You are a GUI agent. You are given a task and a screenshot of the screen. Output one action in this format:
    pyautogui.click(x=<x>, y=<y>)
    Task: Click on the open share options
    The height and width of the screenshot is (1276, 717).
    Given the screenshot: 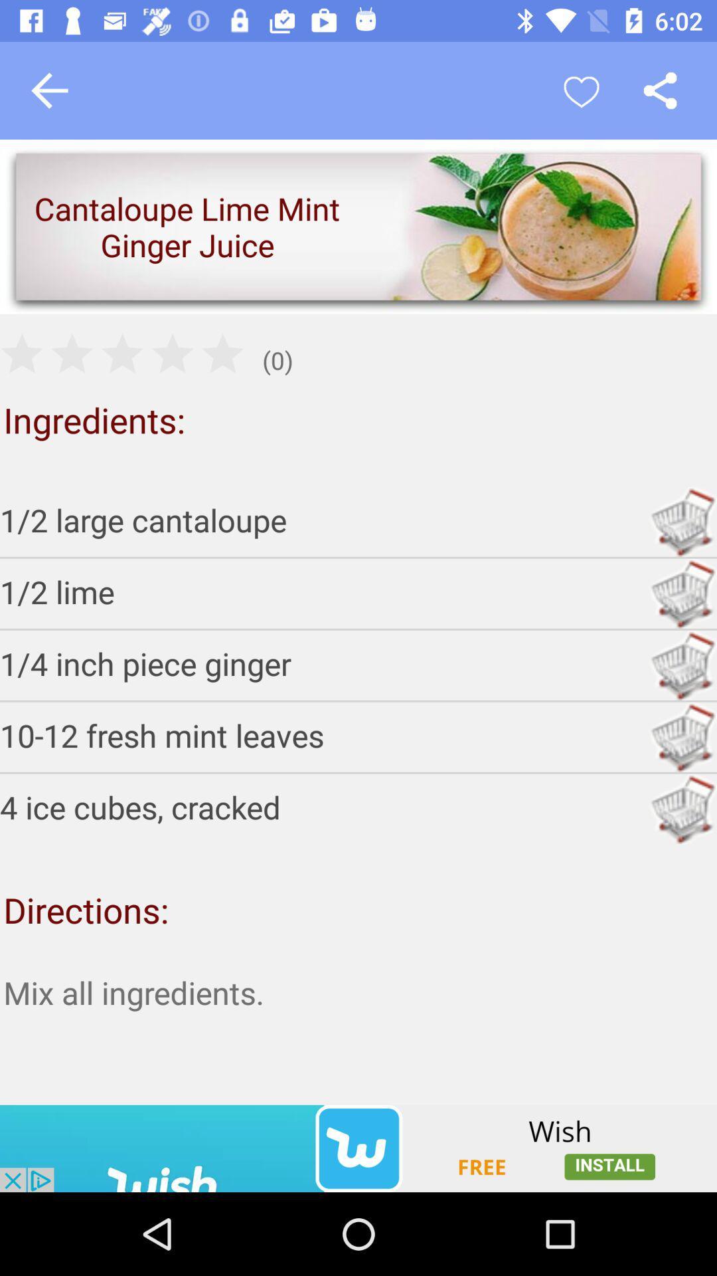 What is the action you would take?
    pyautogui.click(x=660, y=90)
    